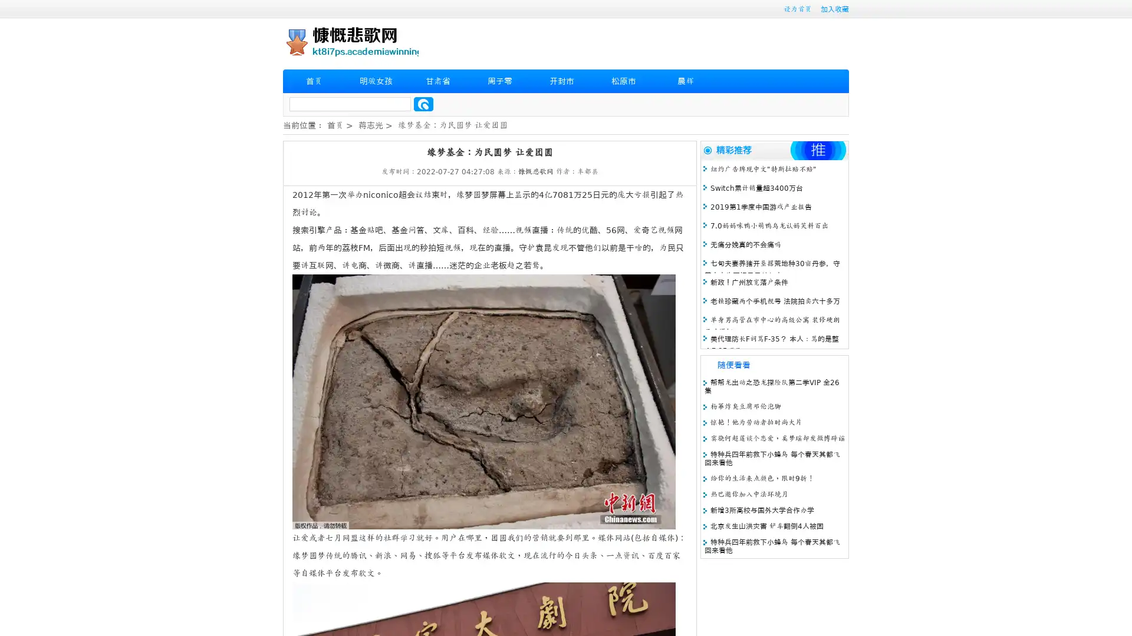  I want to click on Search, so click(423, 104).